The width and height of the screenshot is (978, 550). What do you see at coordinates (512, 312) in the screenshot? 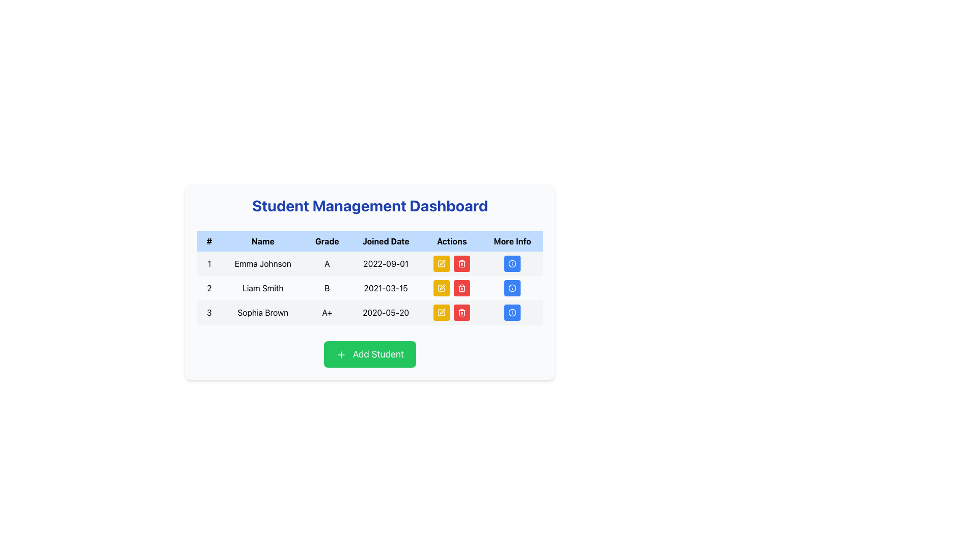
I see `the 'More Info' button in the last column of the third row for 'Sophia Brown'` at bounding box center [512, 312].